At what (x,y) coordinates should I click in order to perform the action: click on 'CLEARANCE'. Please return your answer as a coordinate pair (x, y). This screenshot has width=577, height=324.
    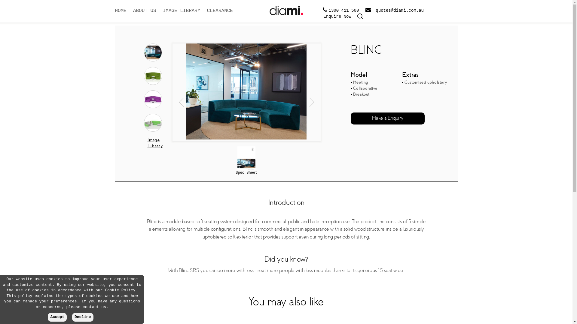
    Looking at the image, I should click on (219, 14).